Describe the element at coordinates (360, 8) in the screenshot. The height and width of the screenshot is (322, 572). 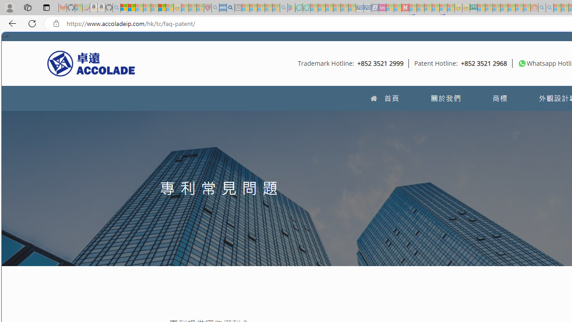
I see `'Cheap Car Rentals - Save70.com - Sleeping'` at that location.